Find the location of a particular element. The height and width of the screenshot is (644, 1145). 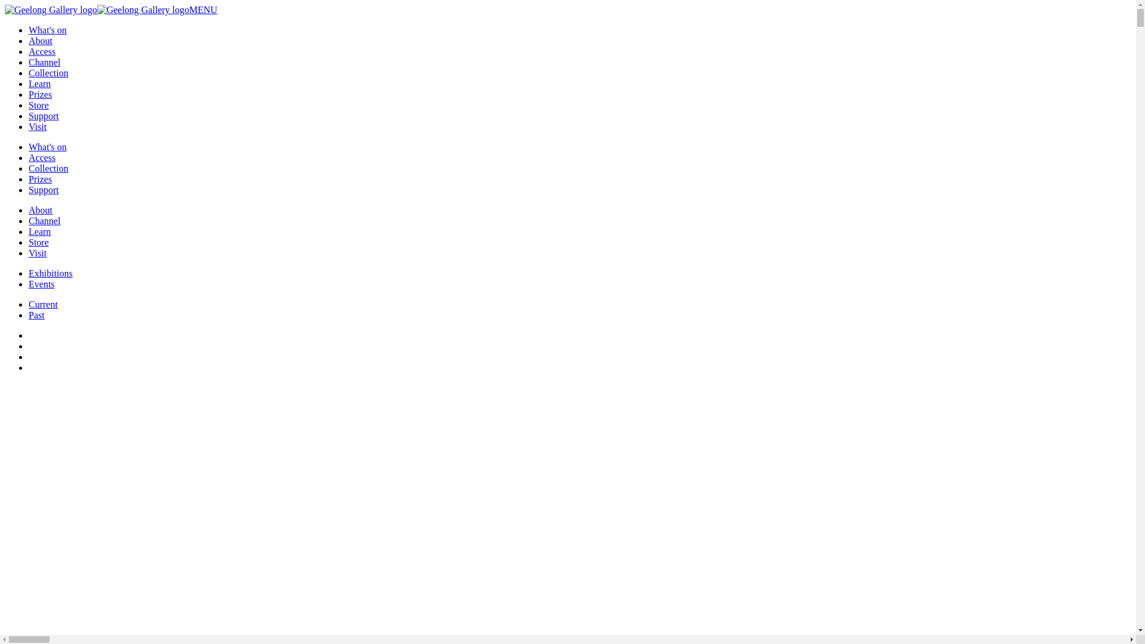

'Collection' is located at coordinates (29, 73).